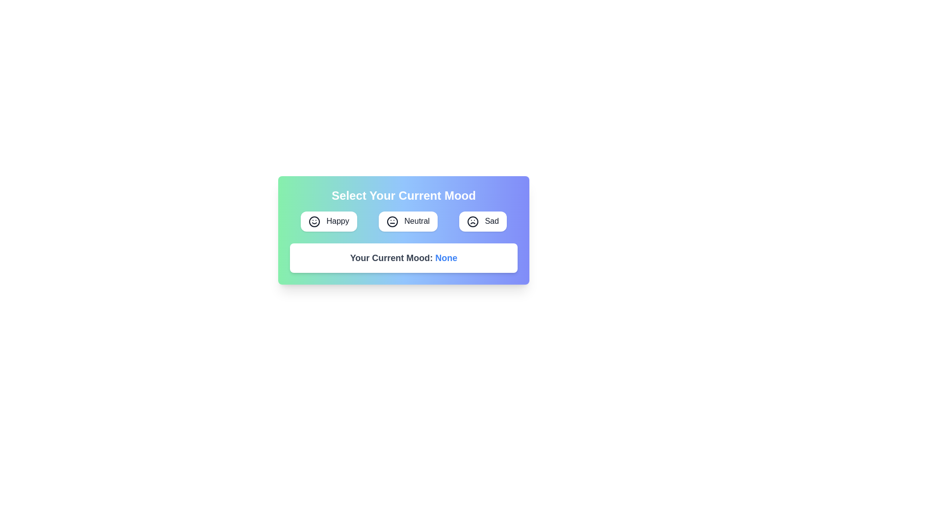 The width and height of the screenshot is (942, 530). I want to click on the 'Happy' mood icon represented by a smiling face illustration, so click(314, 221).